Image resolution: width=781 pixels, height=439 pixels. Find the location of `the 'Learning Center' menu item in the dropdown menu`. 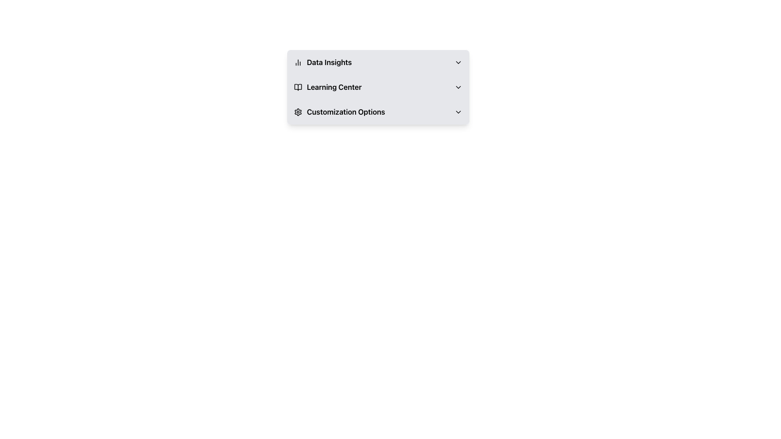

the 'Learning Center' menu item in the dropdown menu is located at coordinates (377, 87).